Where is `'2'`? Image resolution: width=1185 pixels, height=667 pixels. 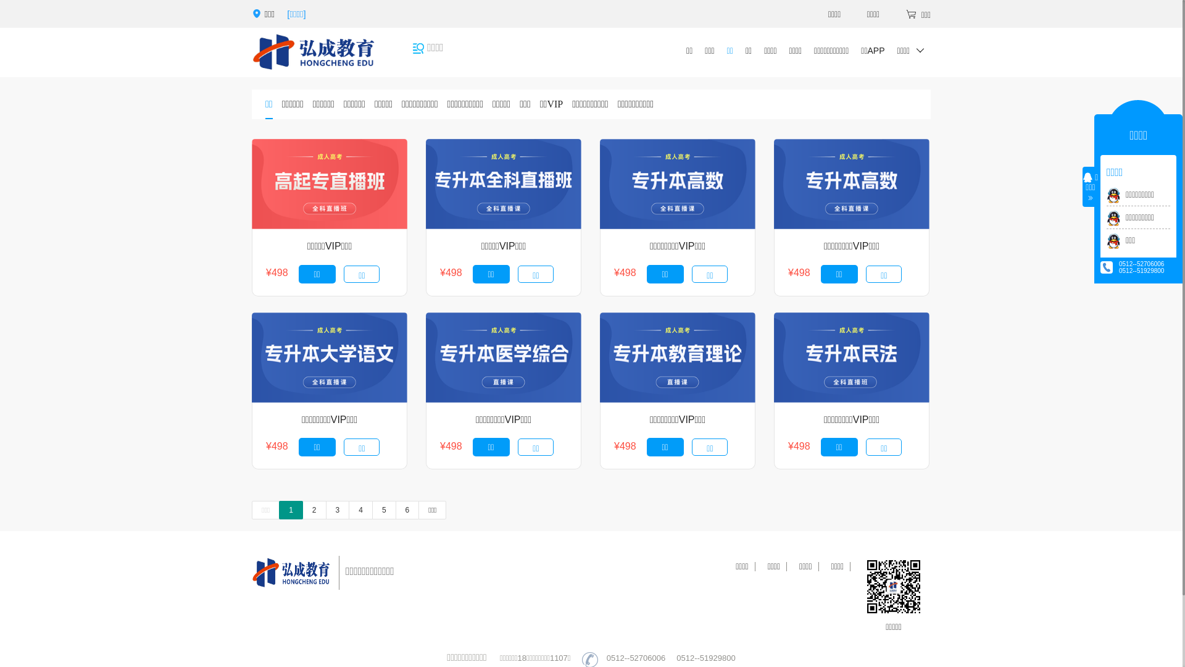
'2' is located at coordinates (314, 510).